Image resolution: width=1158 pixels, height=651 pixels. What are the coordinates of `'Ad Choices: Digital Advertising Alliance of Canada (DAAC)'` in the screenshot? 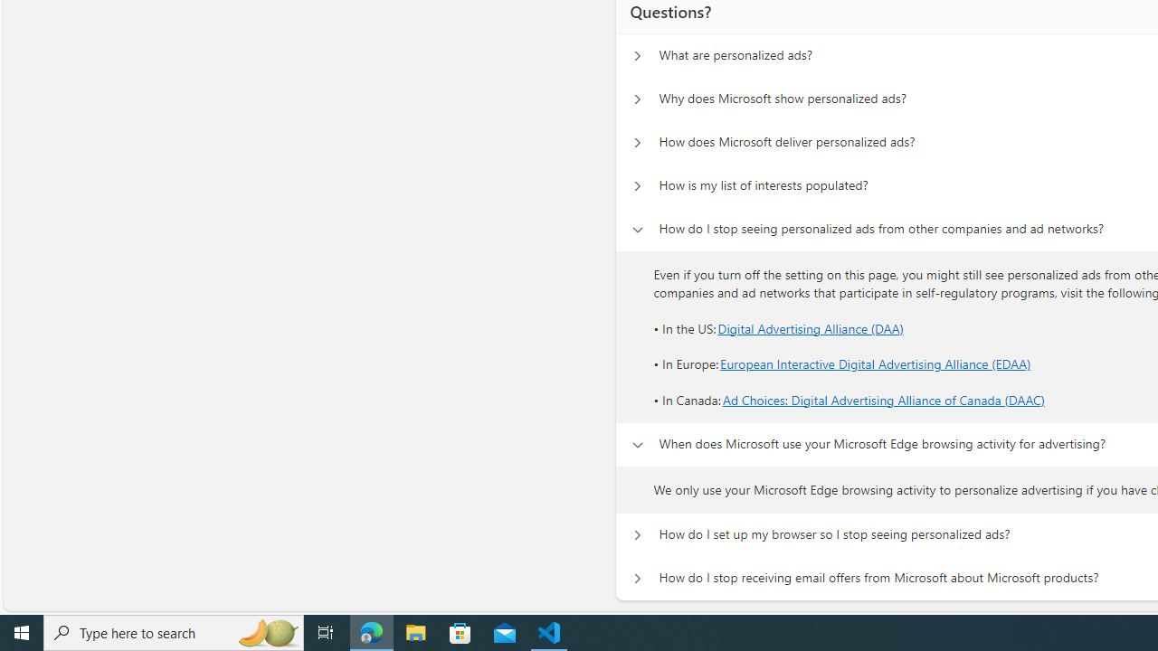 It's located at (883, 399).